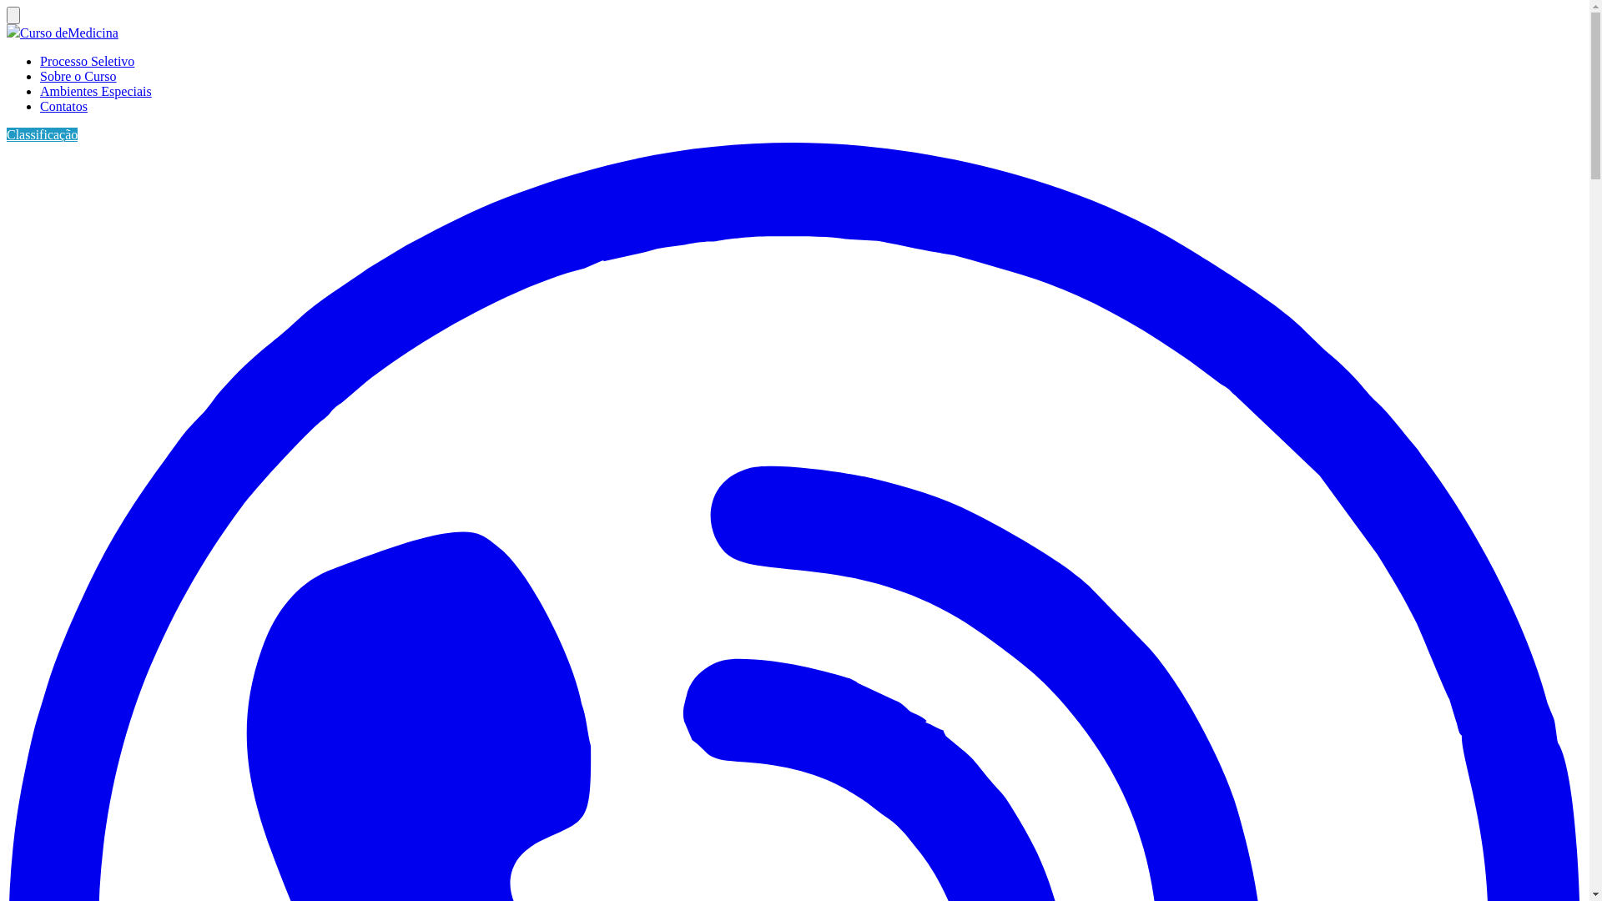 The height and width of the screenshot is (901, 1602). I want to click on 'Processo Seletivo', so click(86, 60).